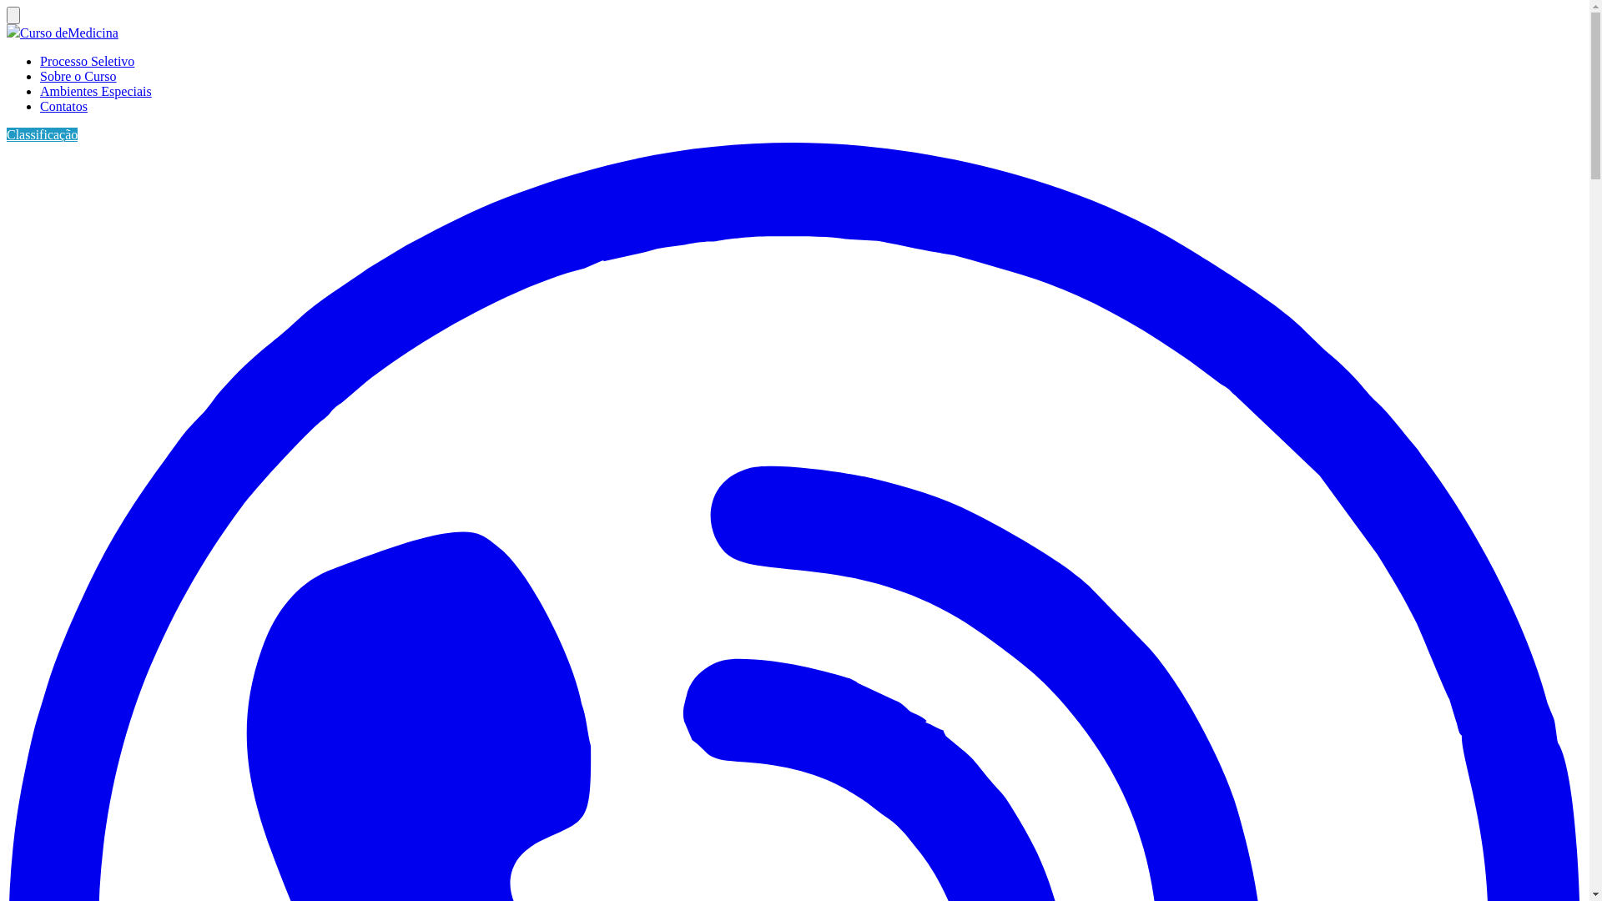 The height and width of the screenshot is (901, 1602). I want to click on 'Processo Seletivo', so click(86, 60).